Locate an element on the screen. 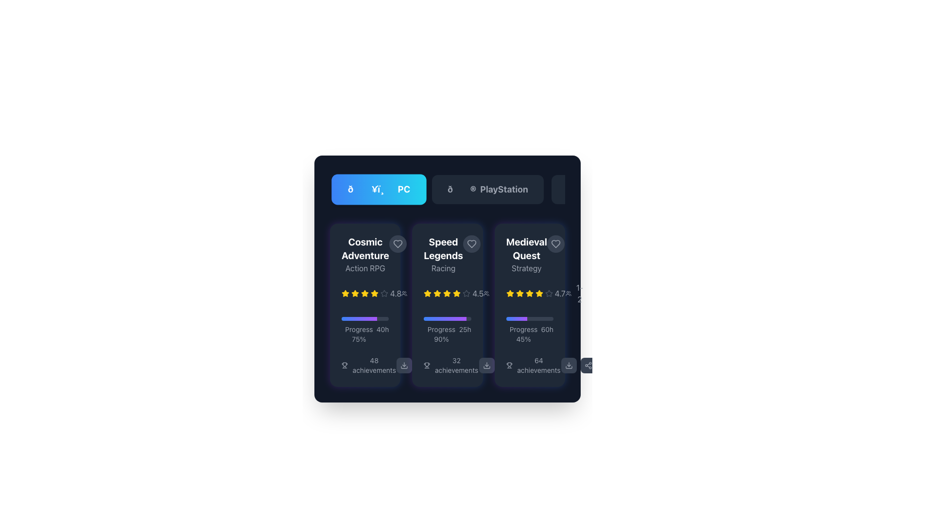 This screenshot has height=525, width=933. the third SVG-based rating star icon representing part of a 4.5-star rating for the game 'Speed Legends', located beneath the game's title and above the progress bar is located at coordinates (437, 293).